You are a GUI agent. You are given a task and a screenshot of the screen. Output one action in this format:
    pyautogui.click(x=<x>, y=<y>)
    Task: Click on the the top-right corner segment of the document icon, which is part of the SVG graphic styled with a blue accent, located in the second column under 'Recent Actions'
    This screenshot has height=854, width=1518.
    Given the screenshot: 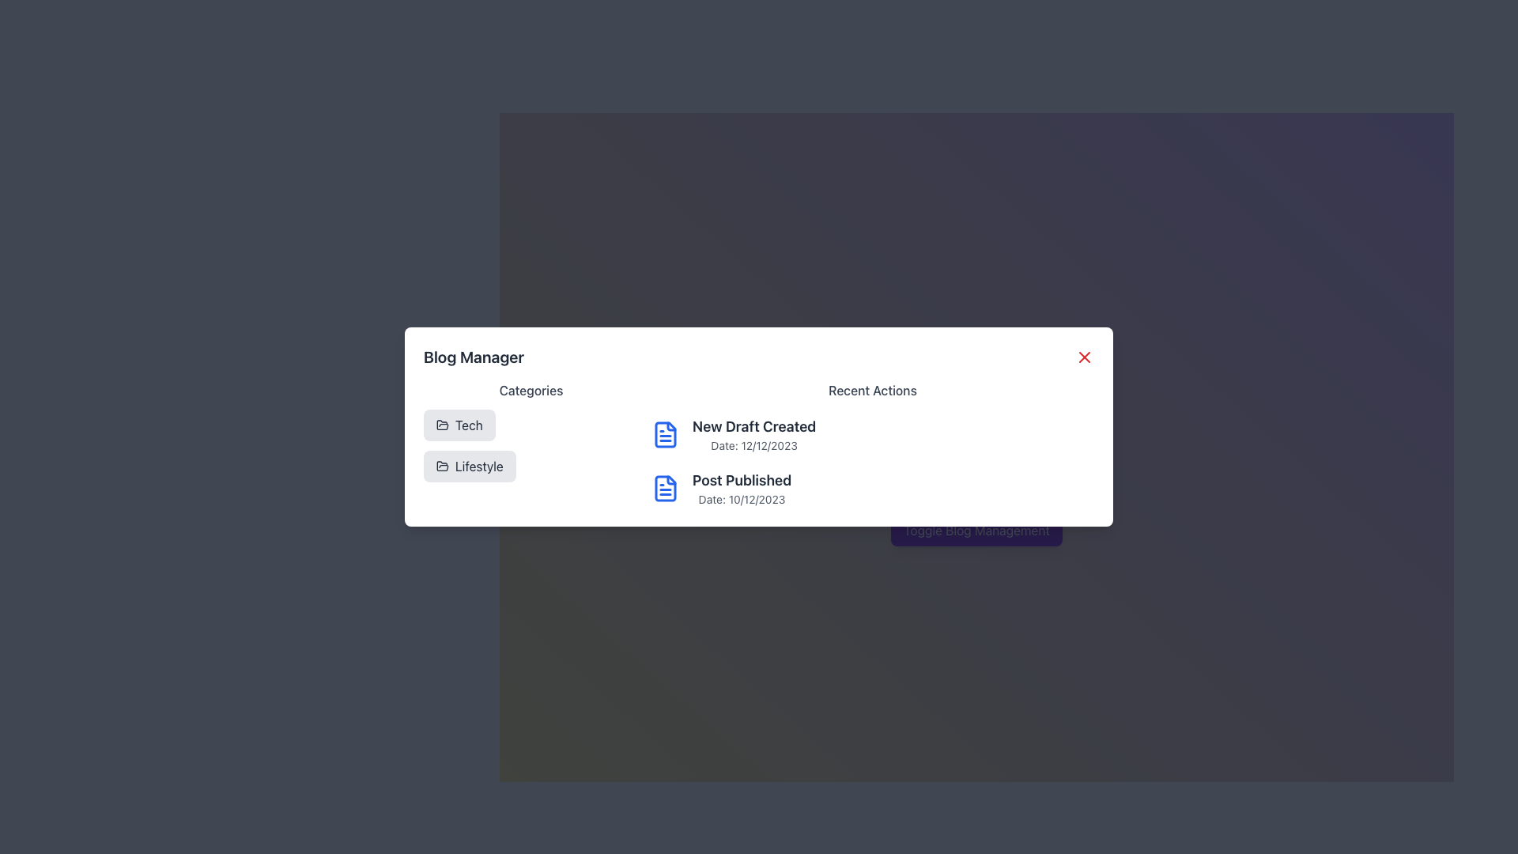 What is the action you would take?
    pyautogui.click(x=671, y=425)
    